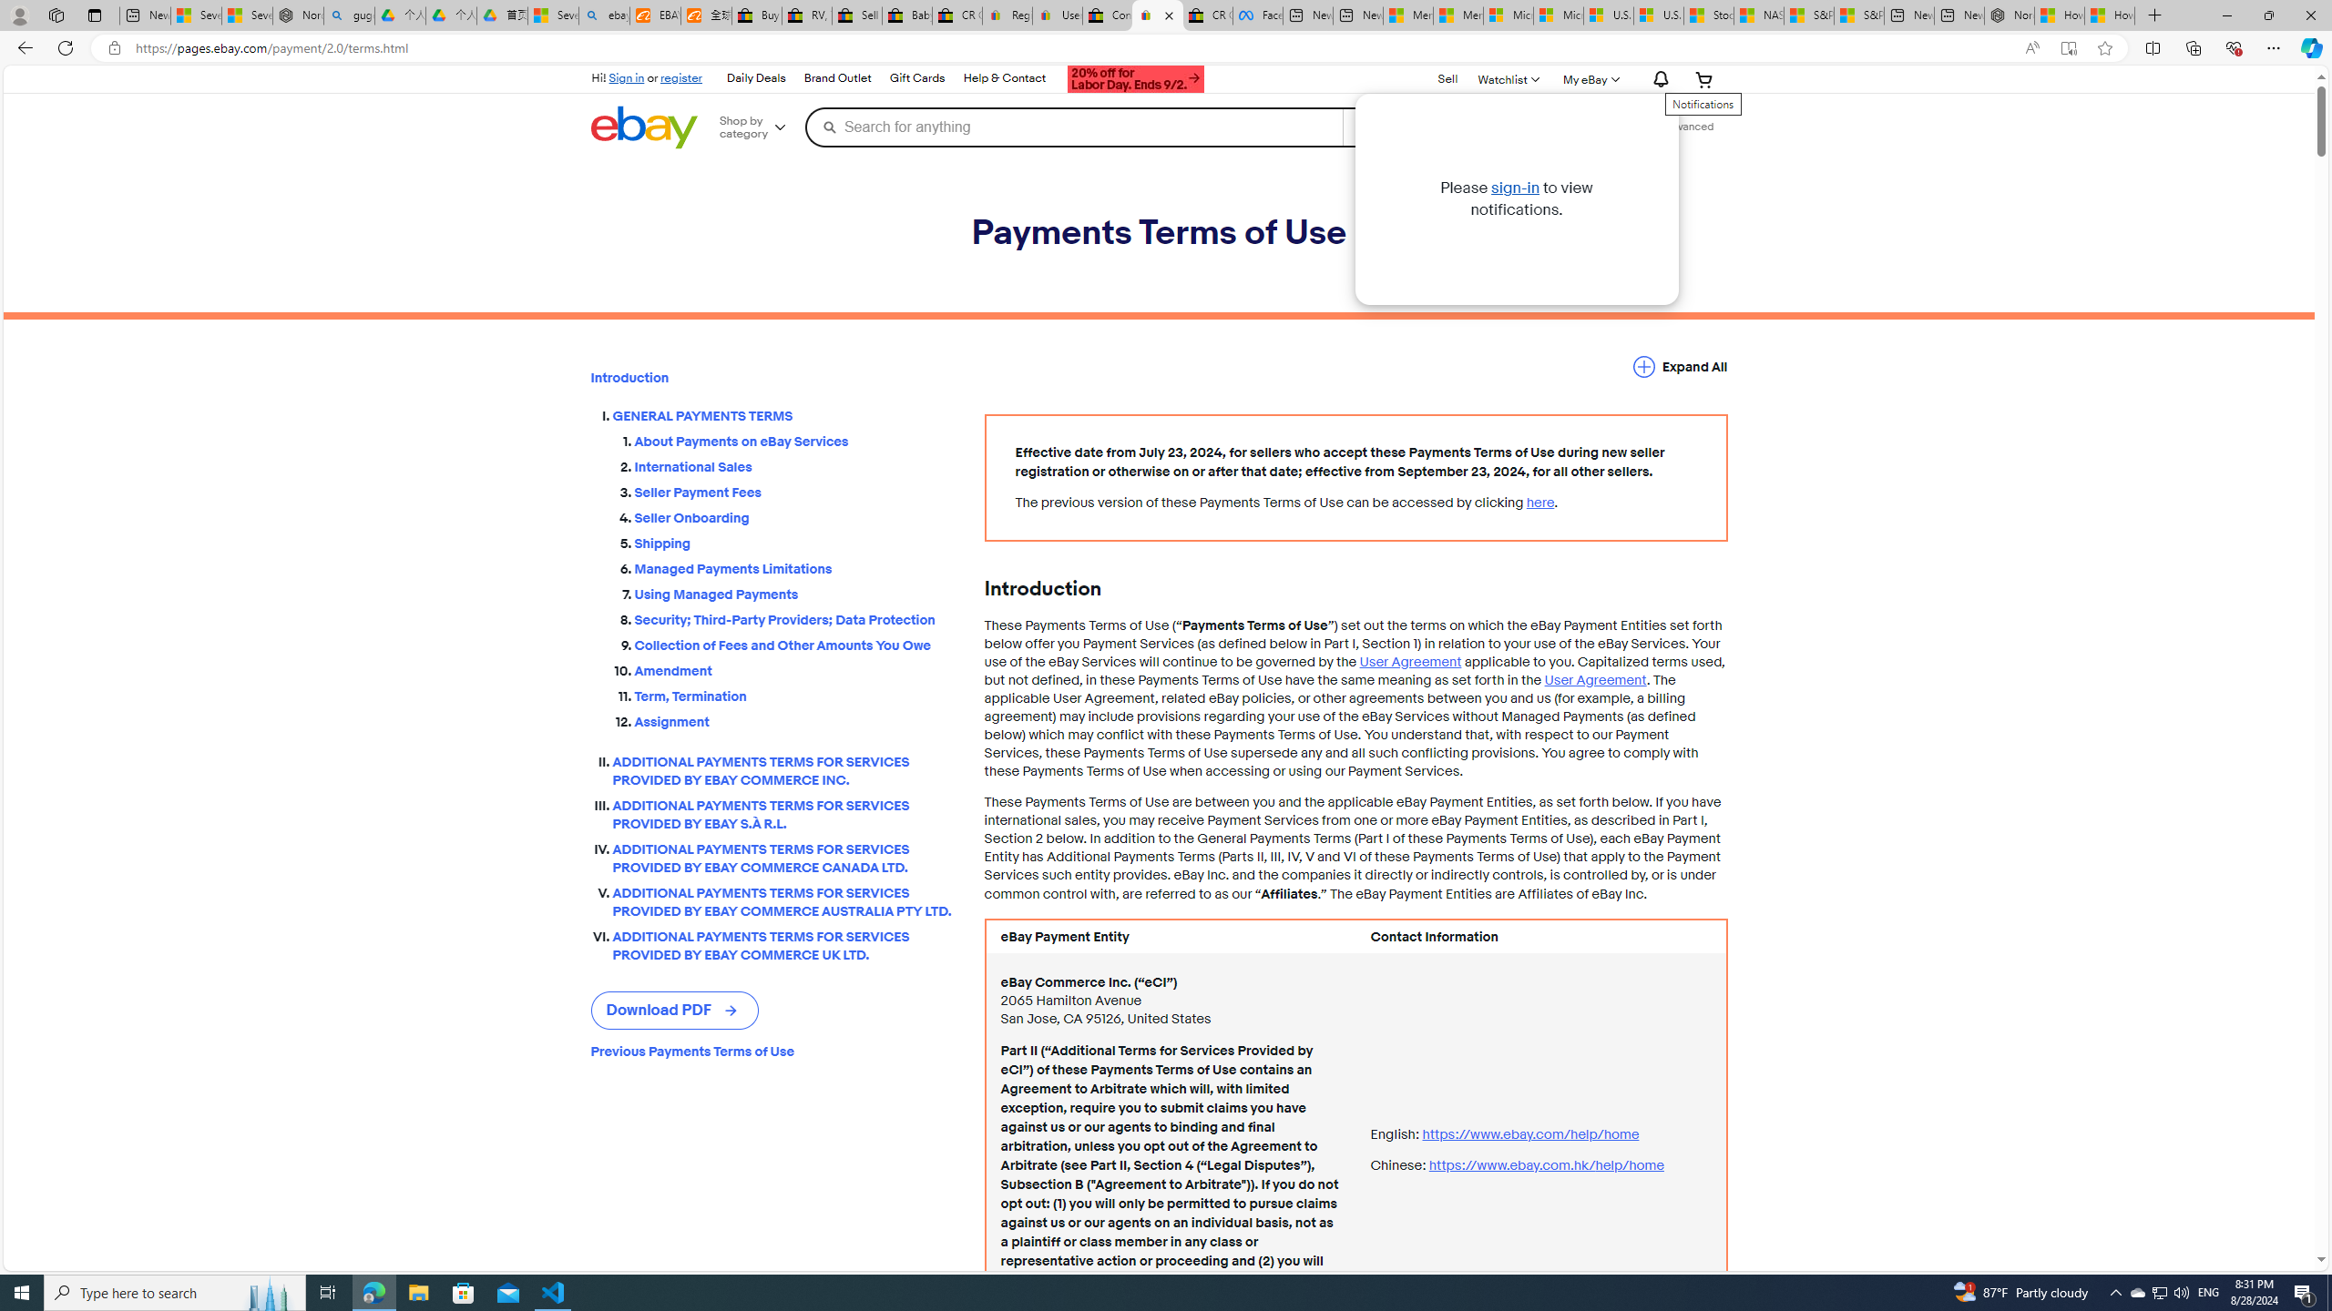 The height and width of the screenshot is (1311, 2332). I want to click on 'Amendment', so click(794, 670).